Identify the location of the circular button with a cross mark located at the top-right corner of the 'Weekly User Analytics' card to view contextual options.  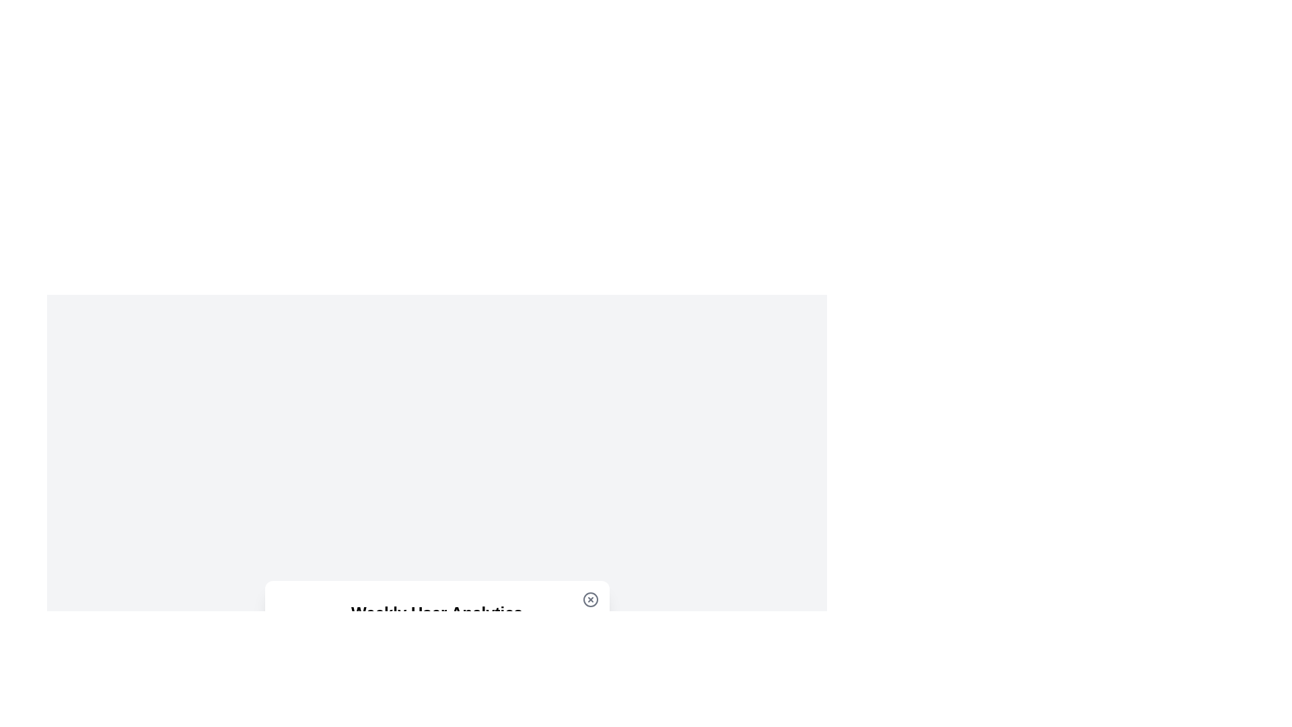
(590, 599).